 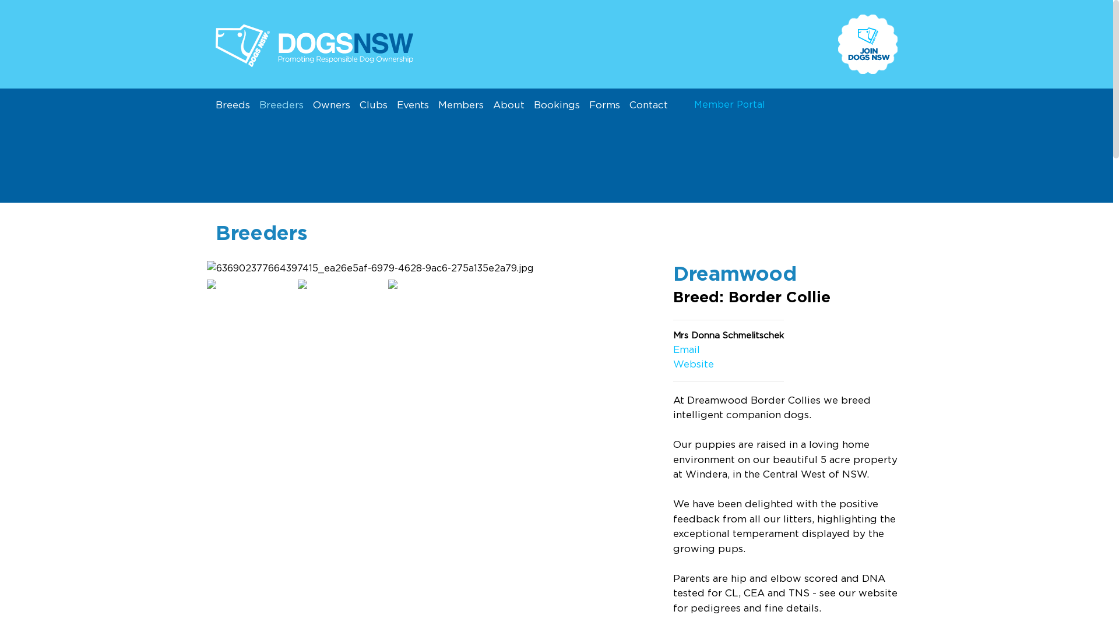 I want to click on 'Owners', so click(x=313, y=105).